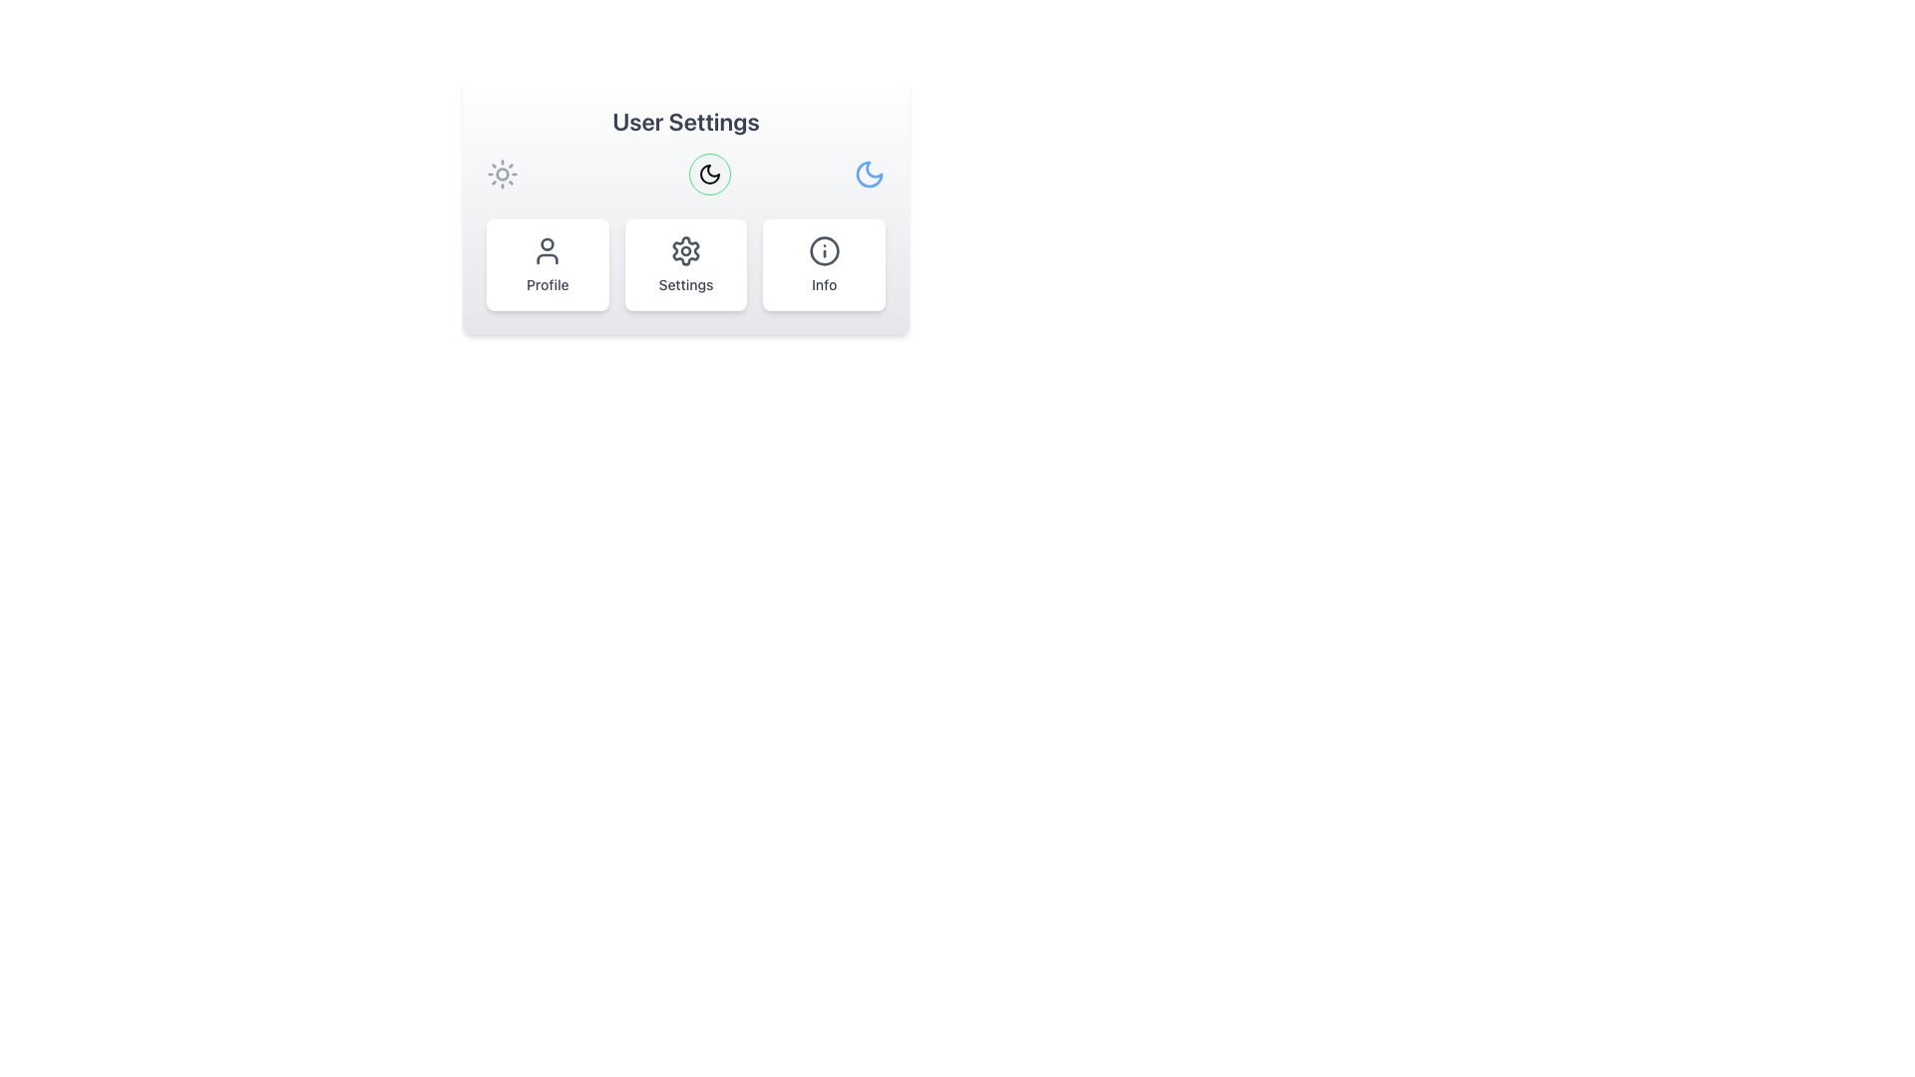 The width and height of the screenshot is (1915, 1077). Describe the element at coordinates (685, 264) in the screenshot. I see `the 'Settings' button, which is a rounded button displaying the word 'Settings' below a cog icon` at that location.